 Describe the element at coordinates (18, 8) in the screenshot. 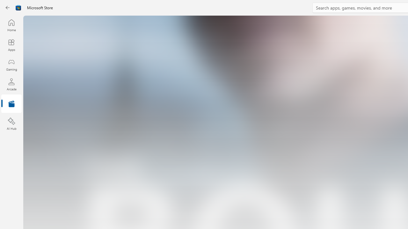

I see `'Class: Image'` at that location.